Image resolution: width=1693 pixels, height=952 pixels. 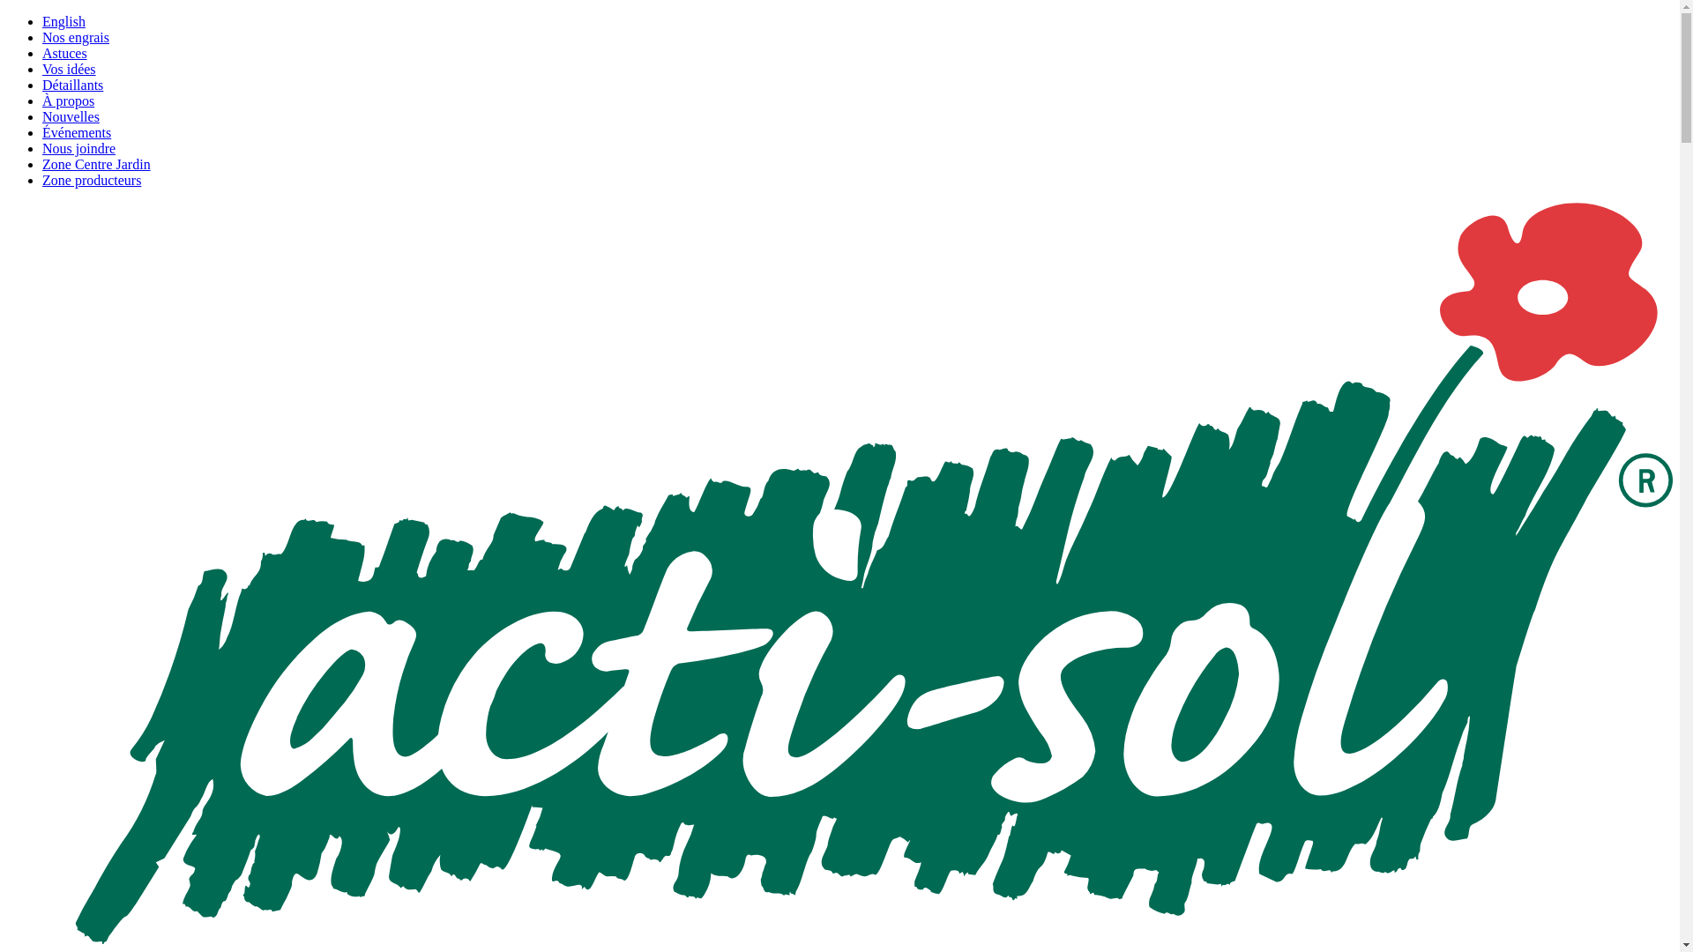 What do you see at coordinates (63, 21) in the screenshot?
I see `'English'` at bounding box center [63, 21].